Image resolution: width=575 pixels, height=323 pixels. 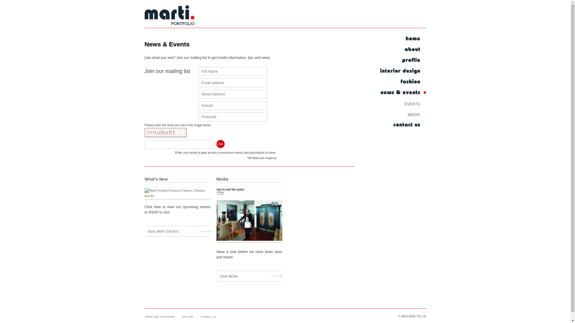 What do you see at coordinates (169, 16) in the screenshot?
I see `'Marti Portfolio'` at bounding box center [169, 16].